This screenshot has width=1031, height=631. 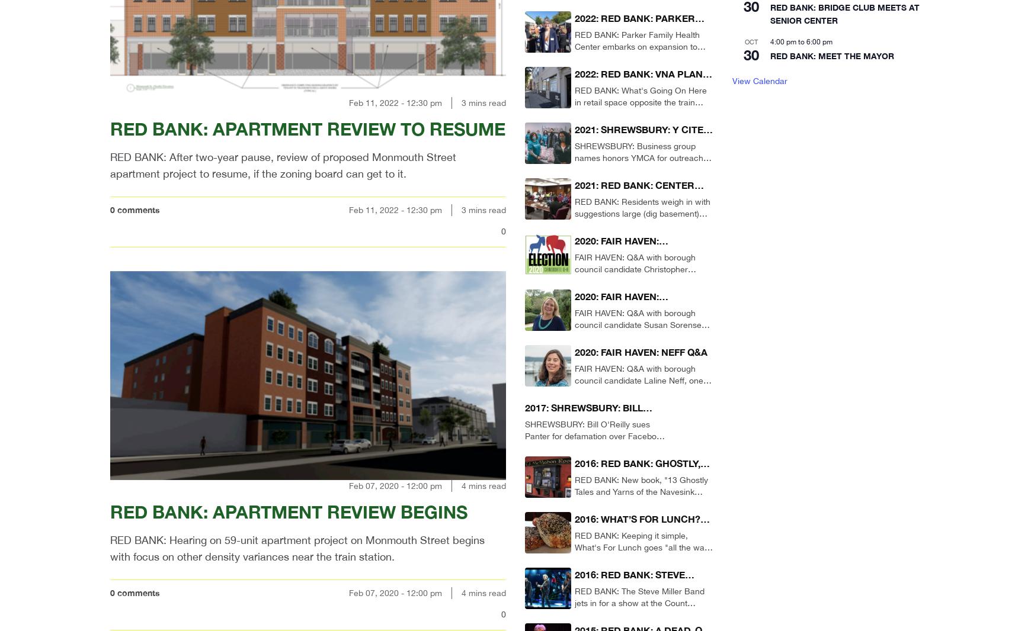 I want to click on 'to', so click(x=801, y=41).